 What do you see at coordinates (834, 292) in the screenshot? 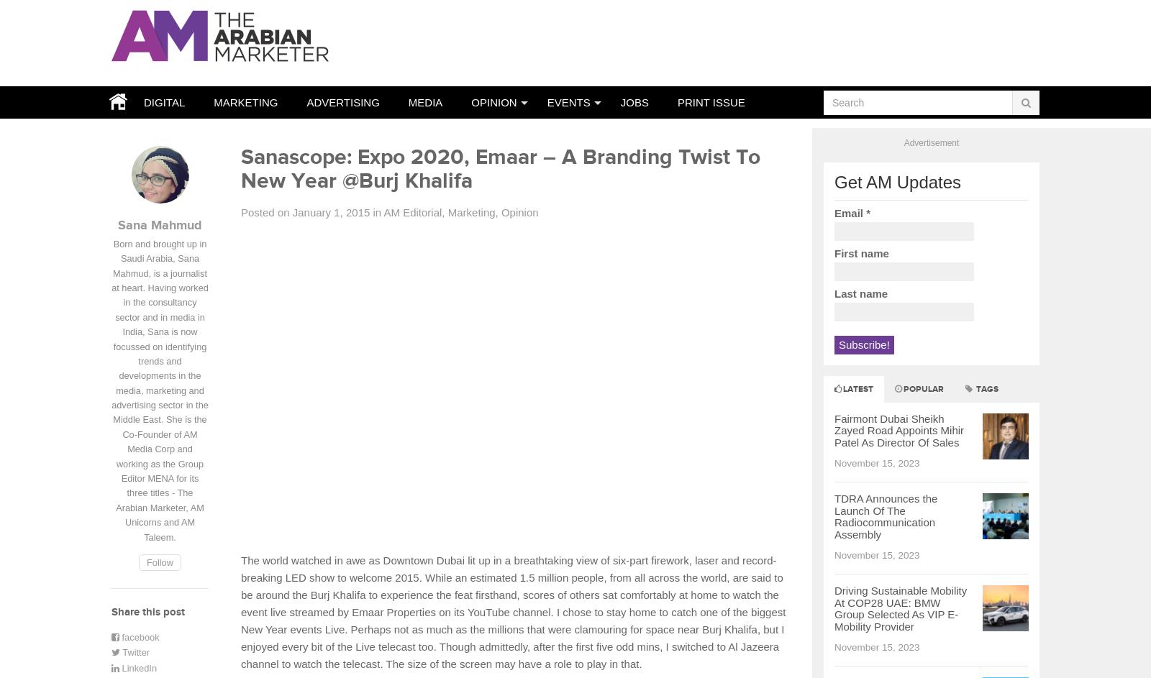
I see `'Last name'` at bounding box center [834, 292].